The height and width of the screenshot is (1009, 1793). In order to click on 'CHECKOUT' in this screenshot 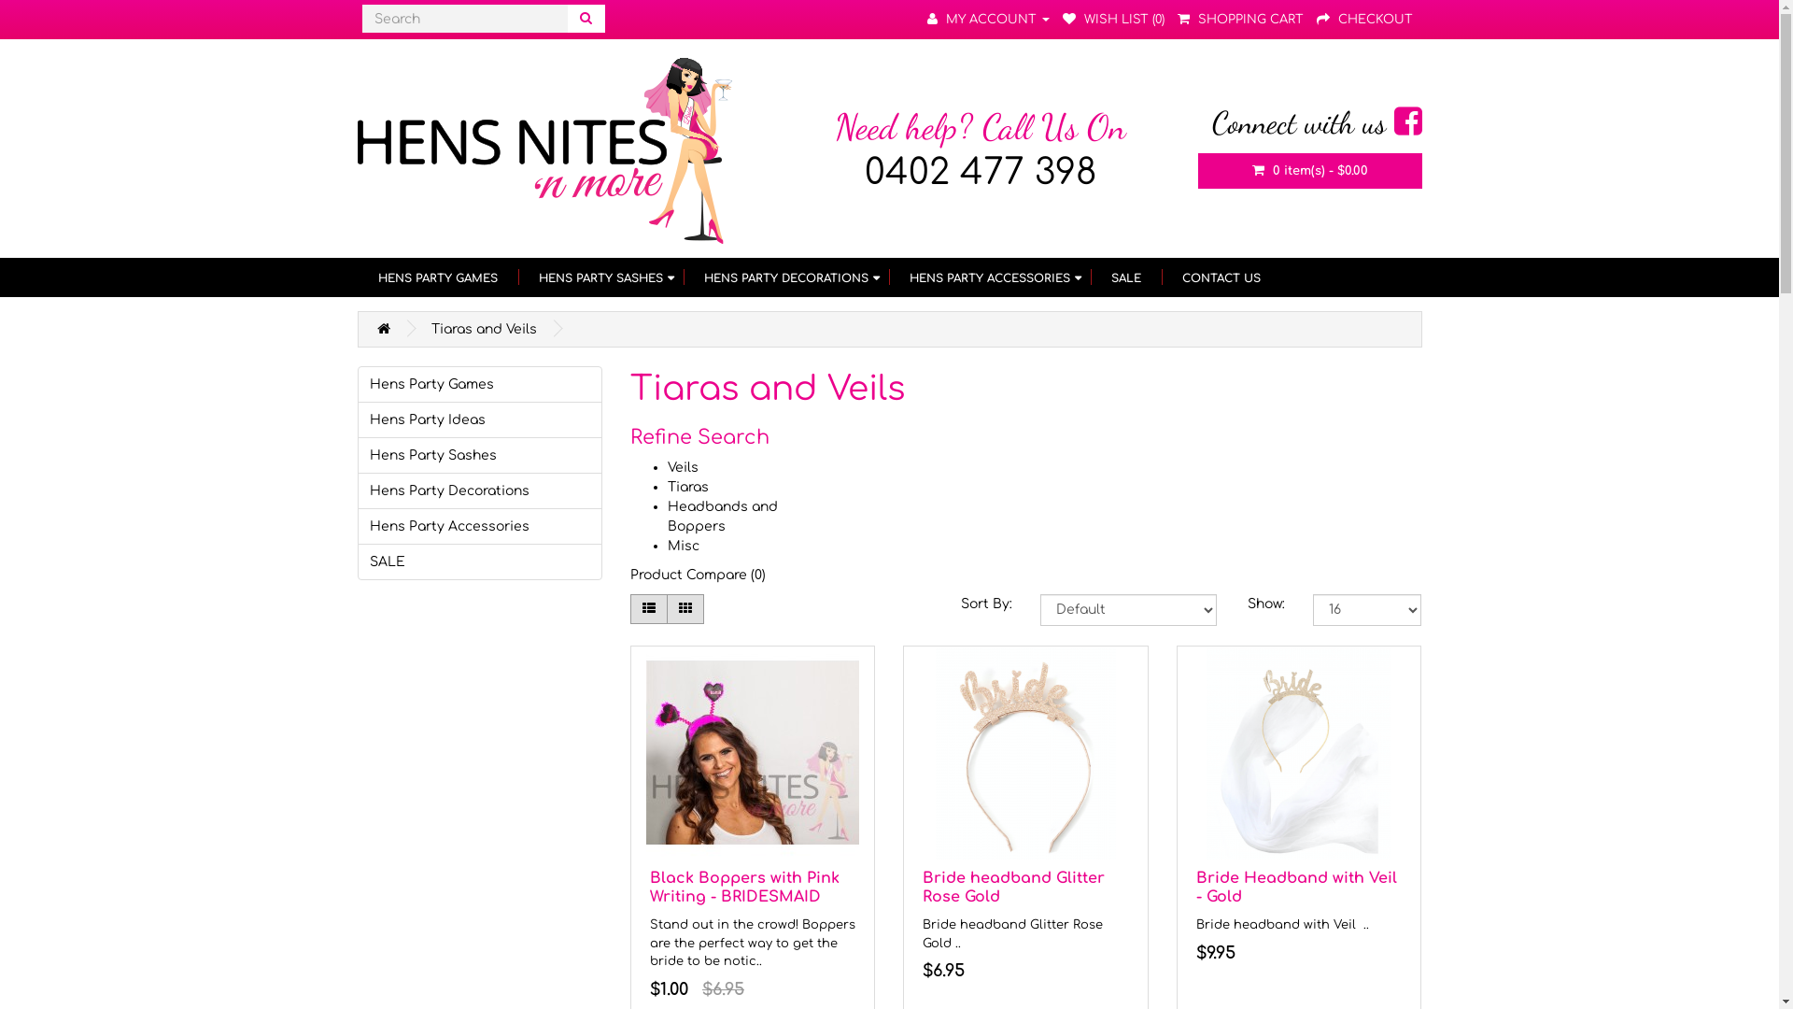, I will do `click(1364, 19)`.